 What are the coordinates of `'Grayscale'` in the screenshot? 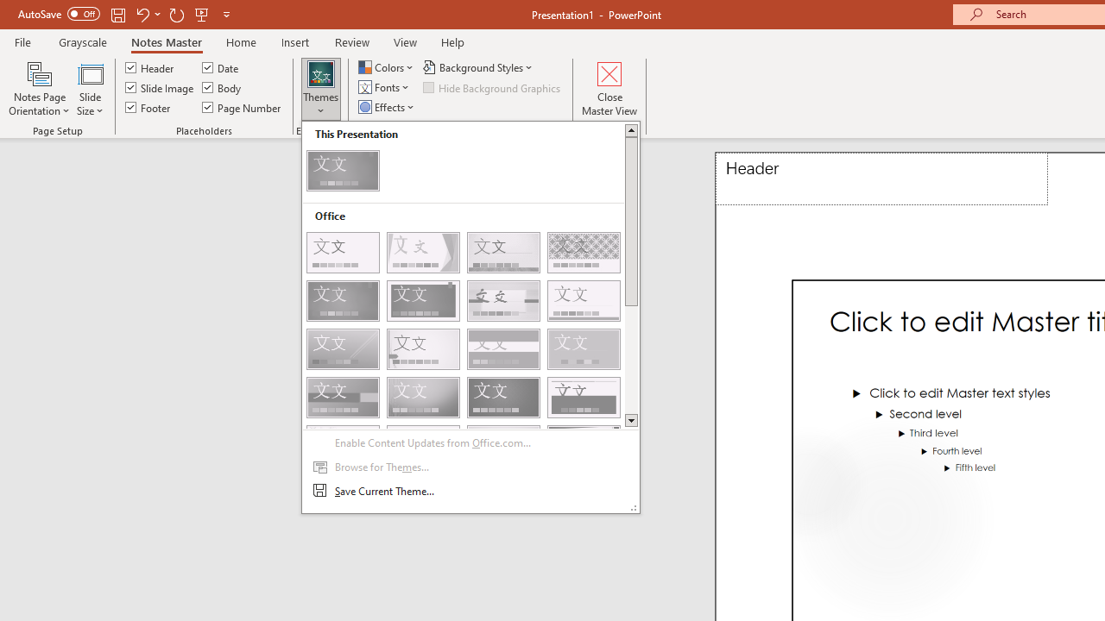 It's located at (82, 41).